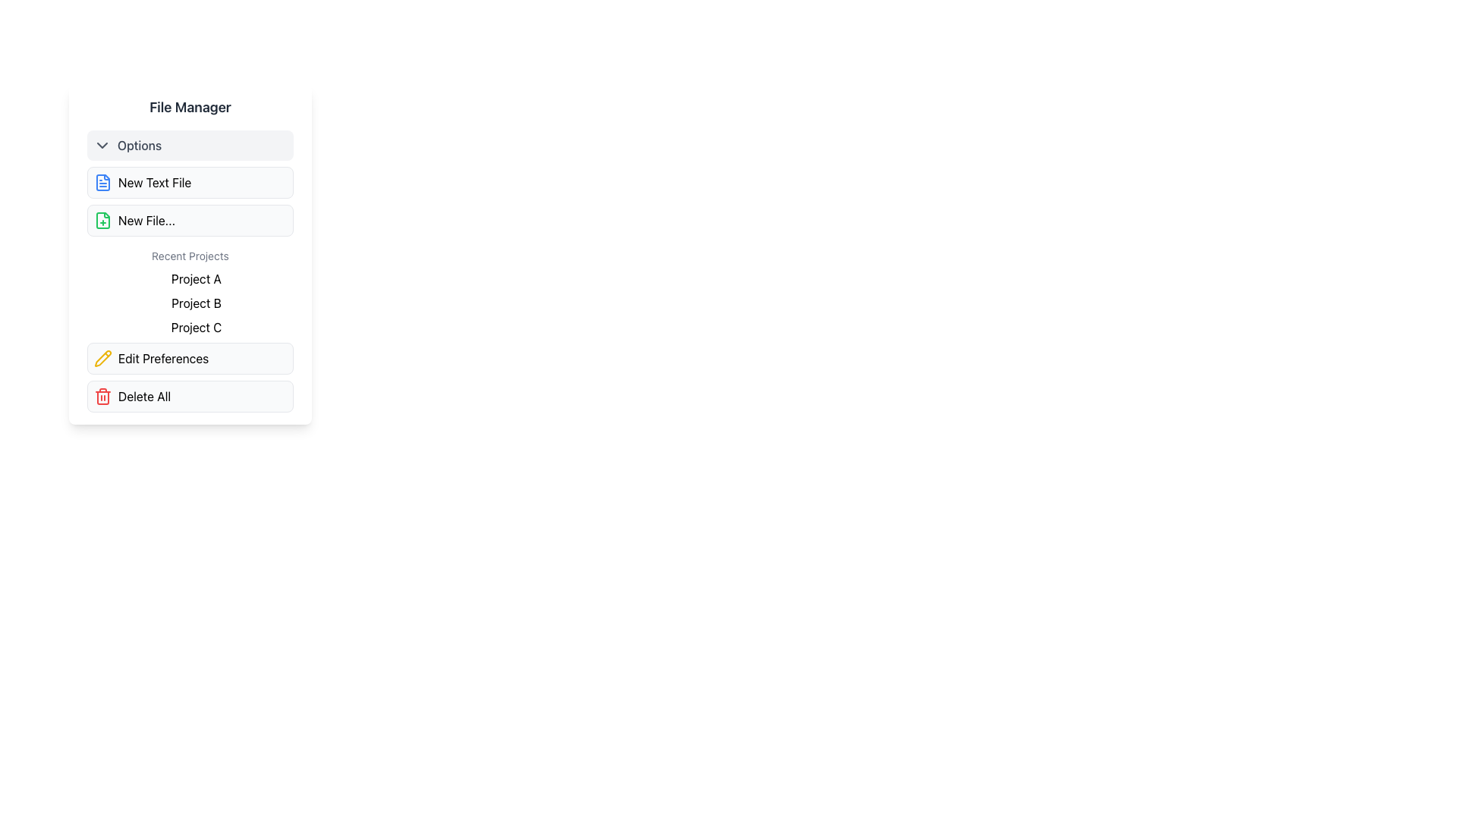  What do you see at coordinates (102, 181) in the screenshot?
I see `the blue document icon with horizontal lines located to the left of the 'New Text File' button in the 'Options' section of the 'File Manager'` at bounding box center [102, 181].